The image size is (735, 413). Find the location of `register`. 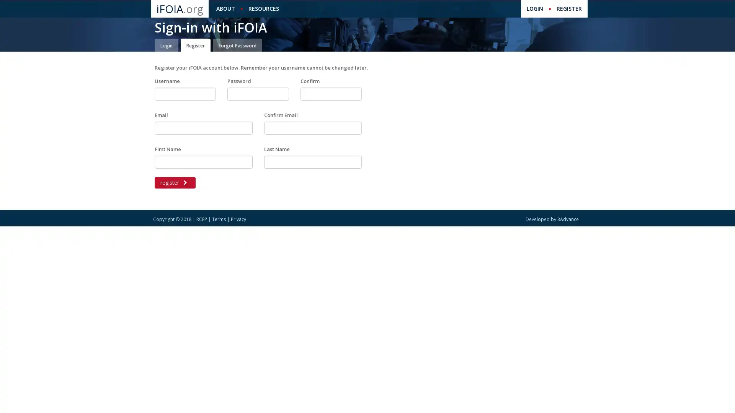

register is located at coordinates (175, 183).